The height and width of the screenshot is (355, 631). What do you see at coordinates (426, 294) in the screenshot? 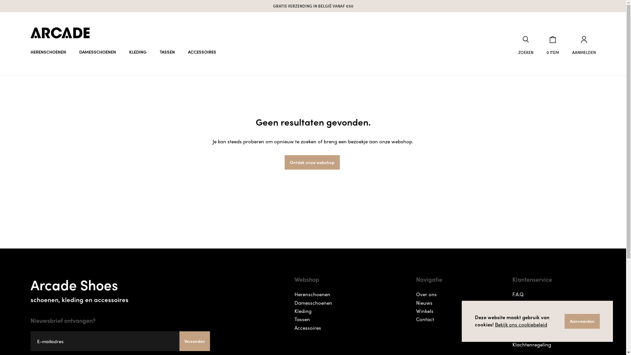
I see `'Over ons'` at bounding box center [426, 294].